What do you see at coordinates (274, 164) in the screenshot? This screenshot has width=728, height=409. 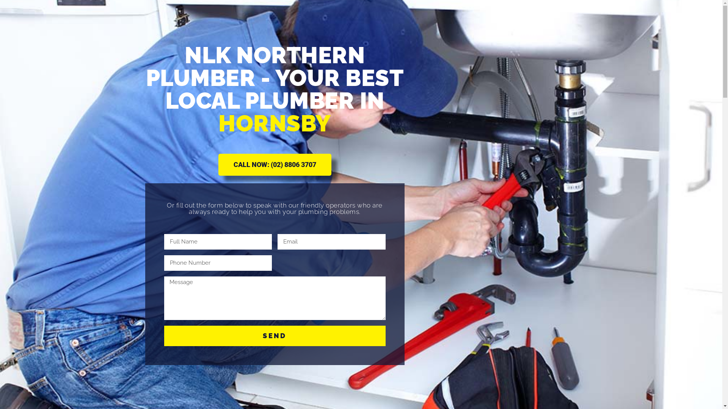 I see `'CALL NOW: (02) 8806 3707'` at bounding box center [274, 164].